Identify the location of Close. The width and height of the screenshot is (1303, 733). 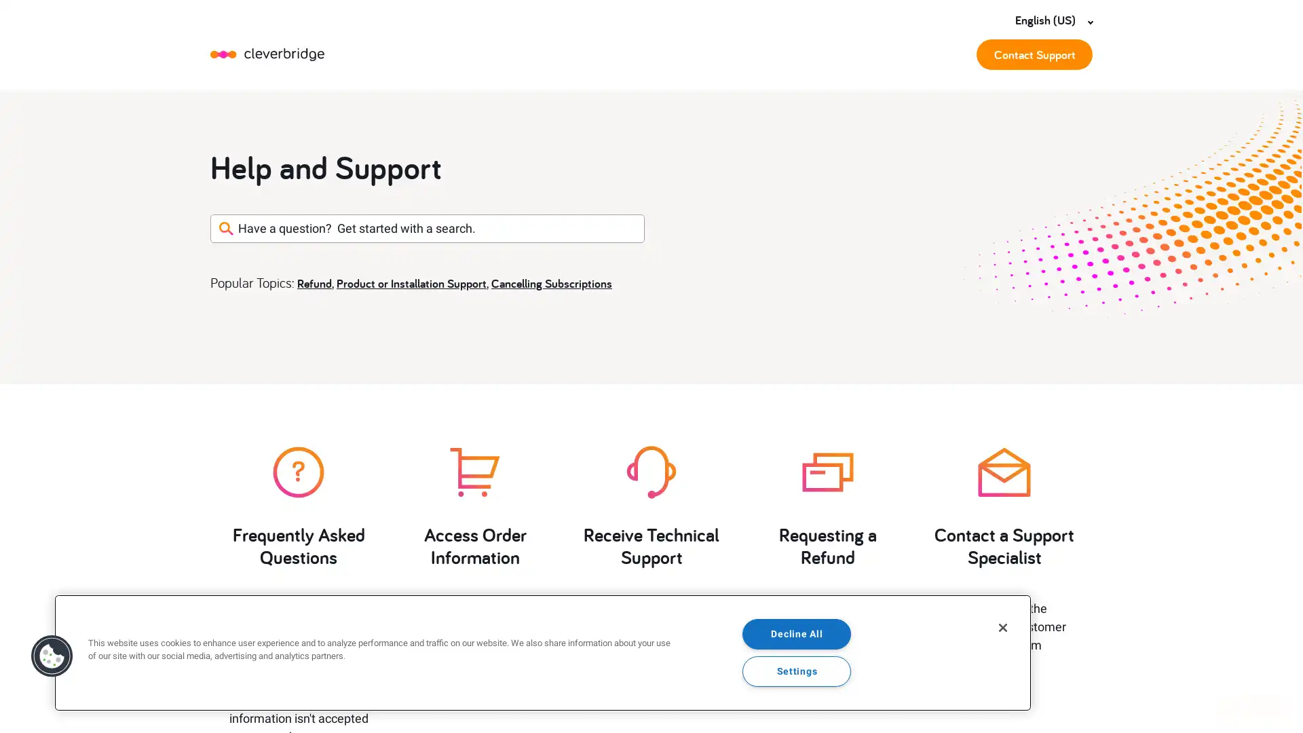
(1003, 628).